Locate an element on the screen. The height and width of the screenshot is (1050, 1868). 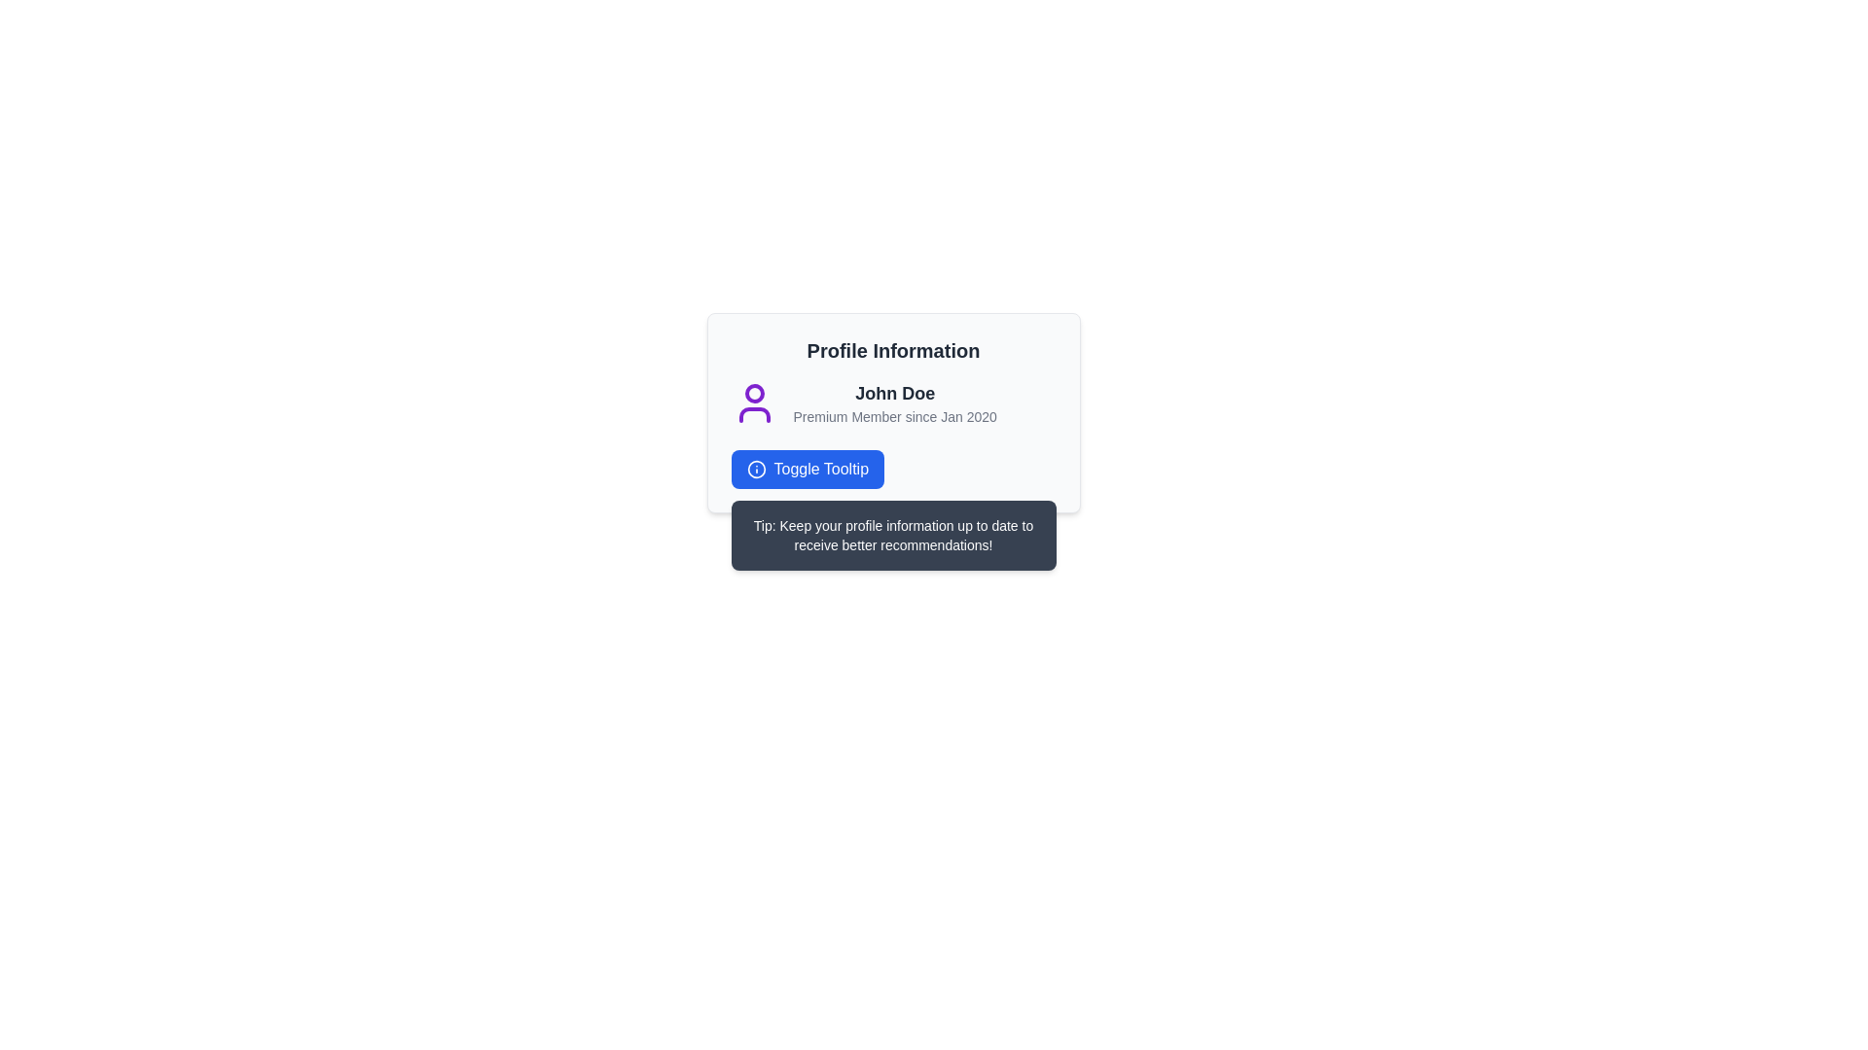
the 'Toggle Tooltip' button with a blue background and white text, located at the bottom of the 'Profile Information' card is located at coordinates (808, 469).